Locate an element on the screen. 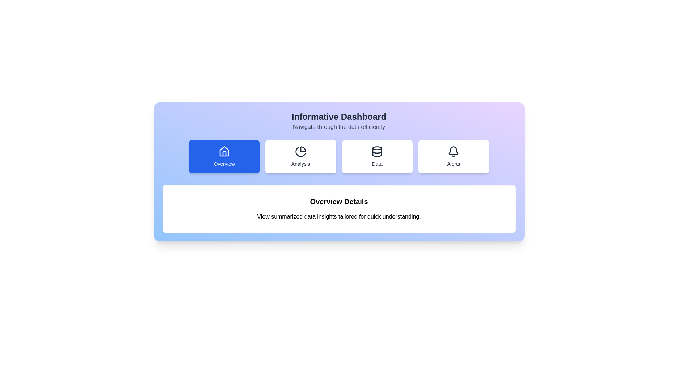 The image size is (695, 391). the bell-shaped icon located at the center of the 'Alerts' card in the top-right quadrant of the interface is located at coordinates (453, 151).